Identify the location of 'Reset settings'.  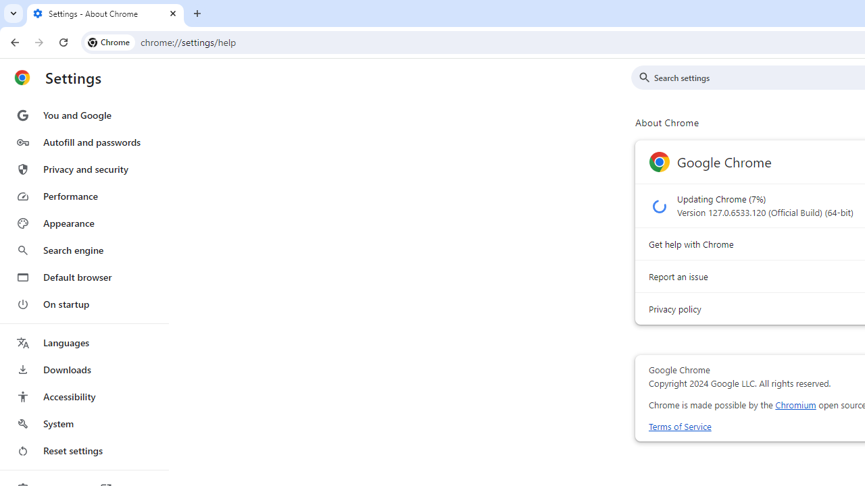
(83, 451).